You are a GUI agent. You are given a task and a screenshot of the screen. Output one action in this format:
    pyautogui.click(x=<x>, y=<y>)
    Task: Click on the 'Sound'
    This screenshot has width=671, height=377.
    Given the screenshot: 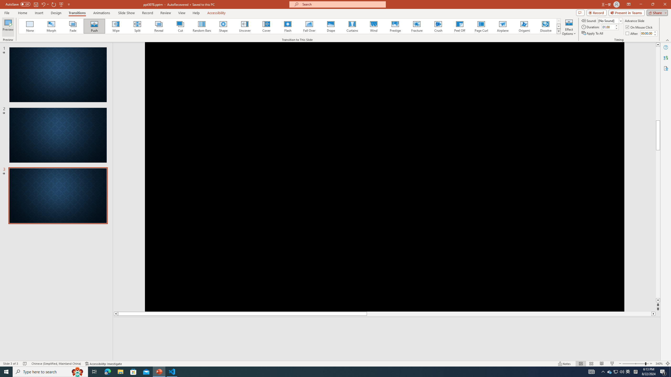 What is the action you would take?
    pyautogui.click(x=610, y=20)
    